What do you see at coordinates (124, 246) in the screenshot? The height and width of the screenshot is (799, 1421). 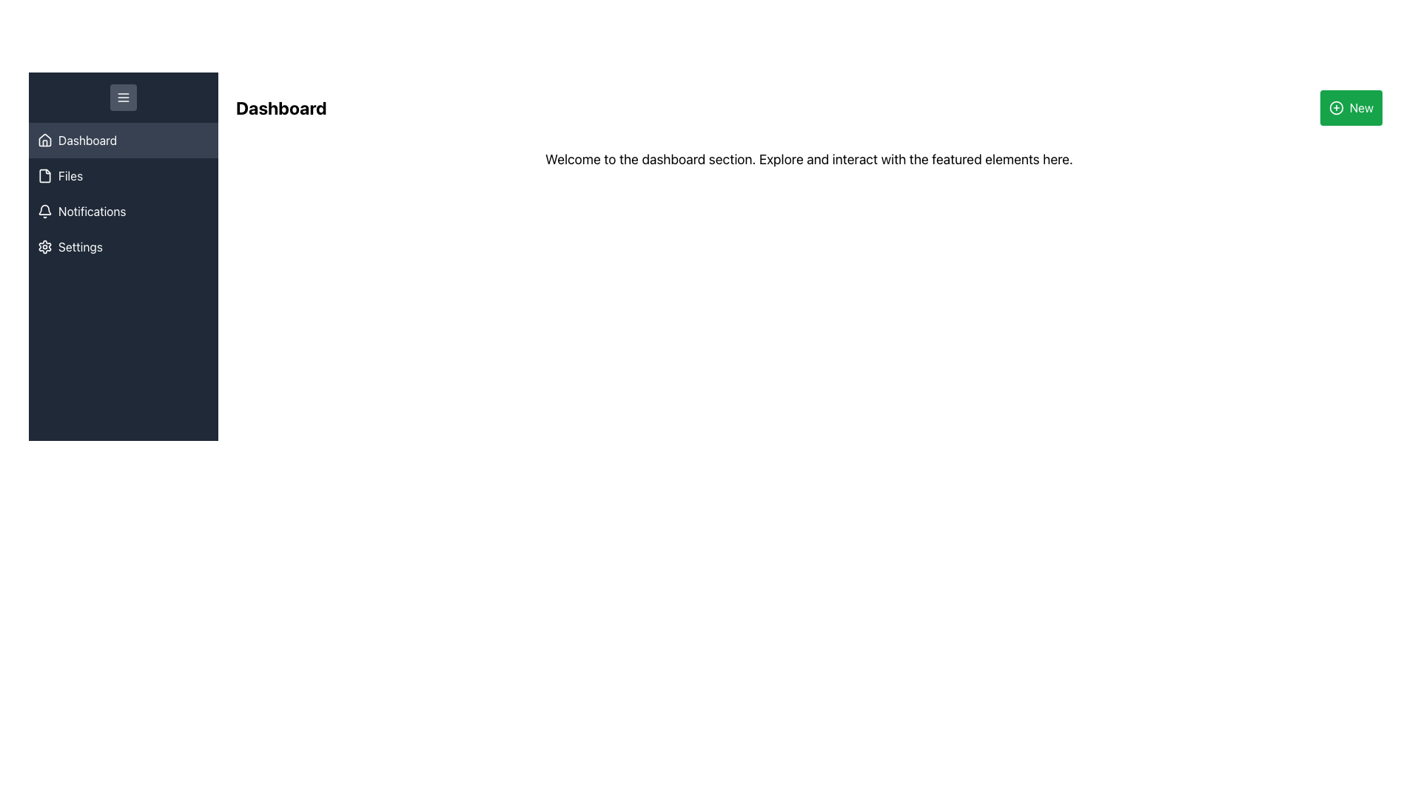 I see `the 'Settings' menu option in the vertical navigation bar` at bounding box center [124, 246].